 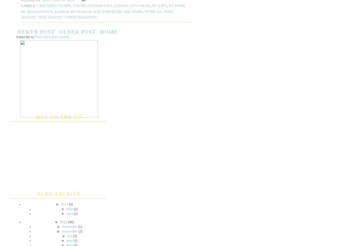 I want to click on '(4)', so click(x=70, y=205).